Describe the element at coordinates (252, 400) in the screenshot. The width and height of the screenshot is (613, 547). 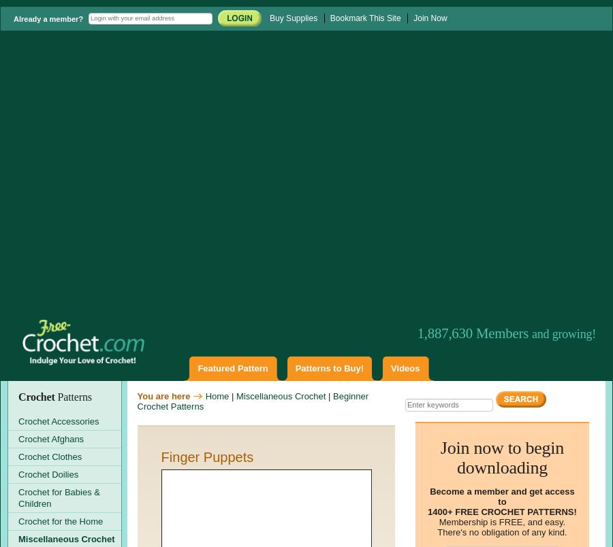
I see `'Beginner Crochet Patterns'` at that location.